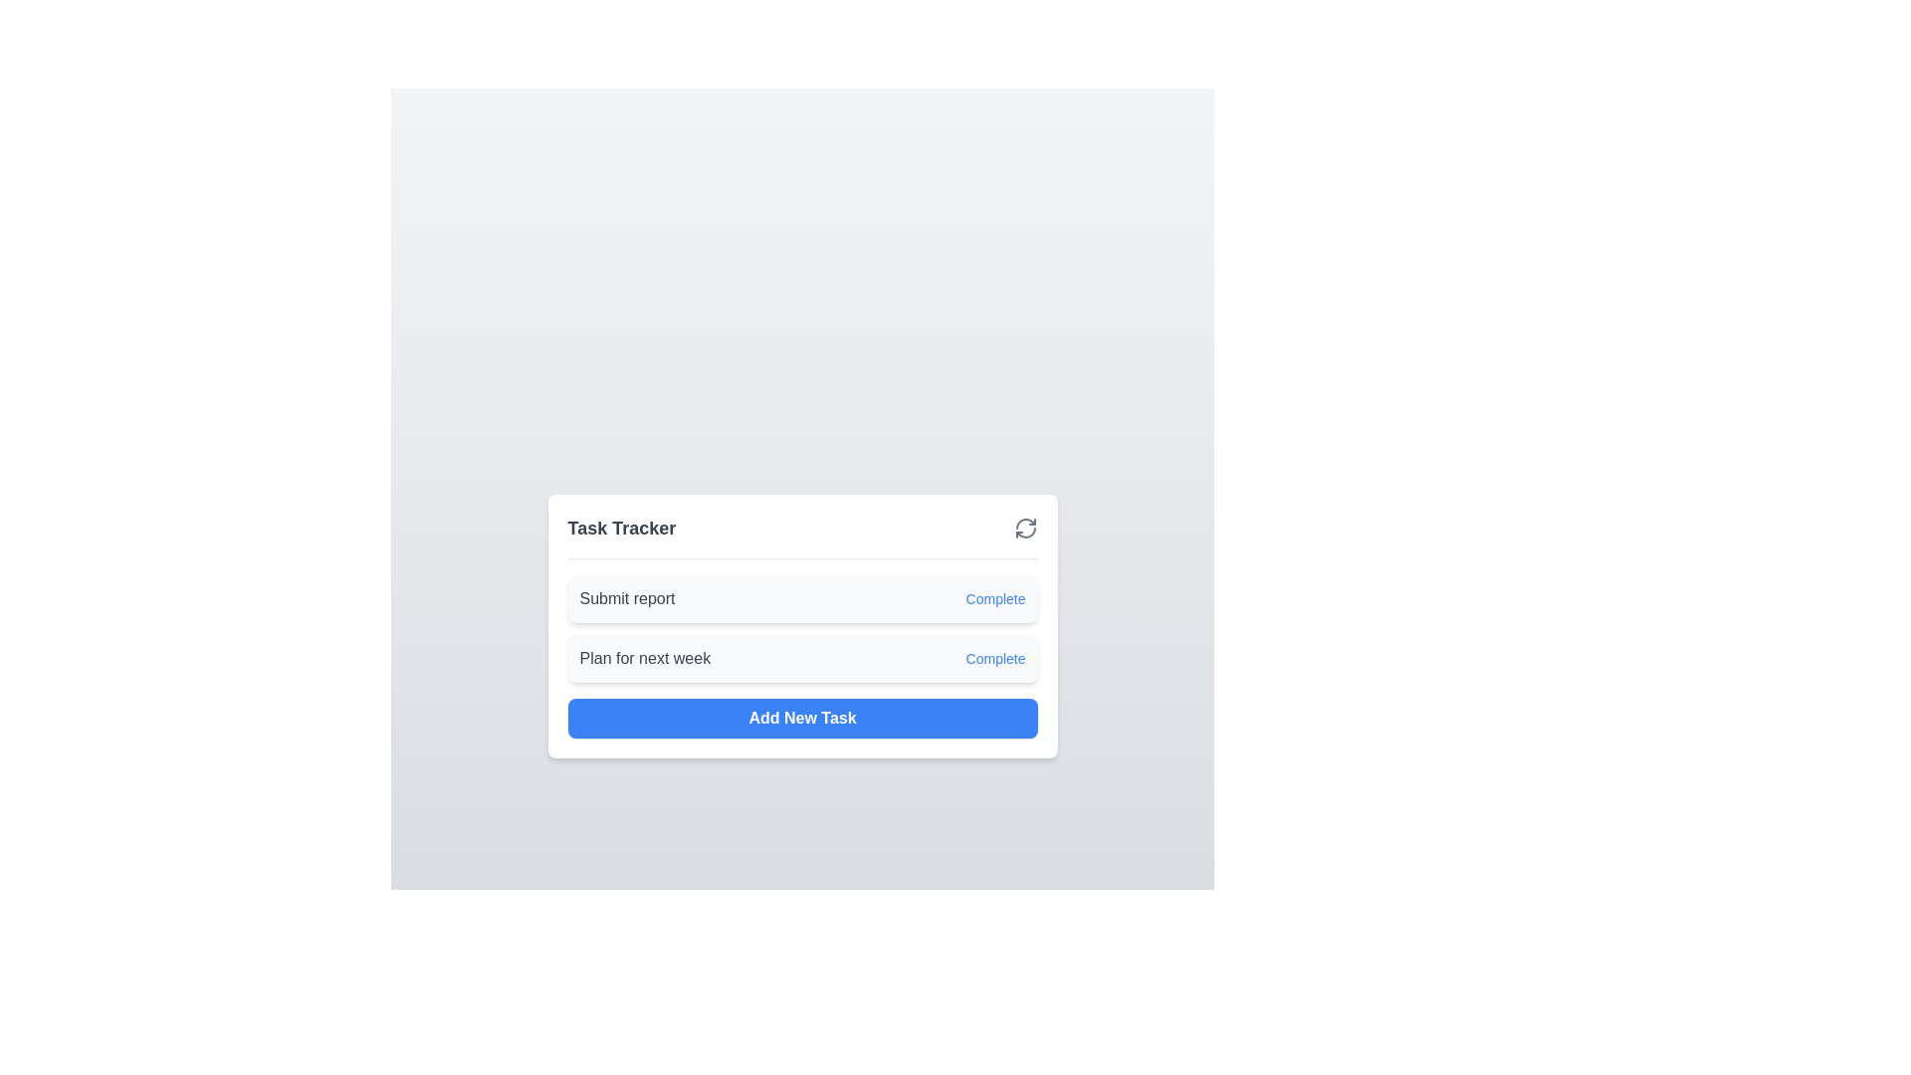  Describe the element at coordinates (995, 597) in the screenshot. I see `the blue hyperlink styled as a button that displays the text 'Complete'` at that location.